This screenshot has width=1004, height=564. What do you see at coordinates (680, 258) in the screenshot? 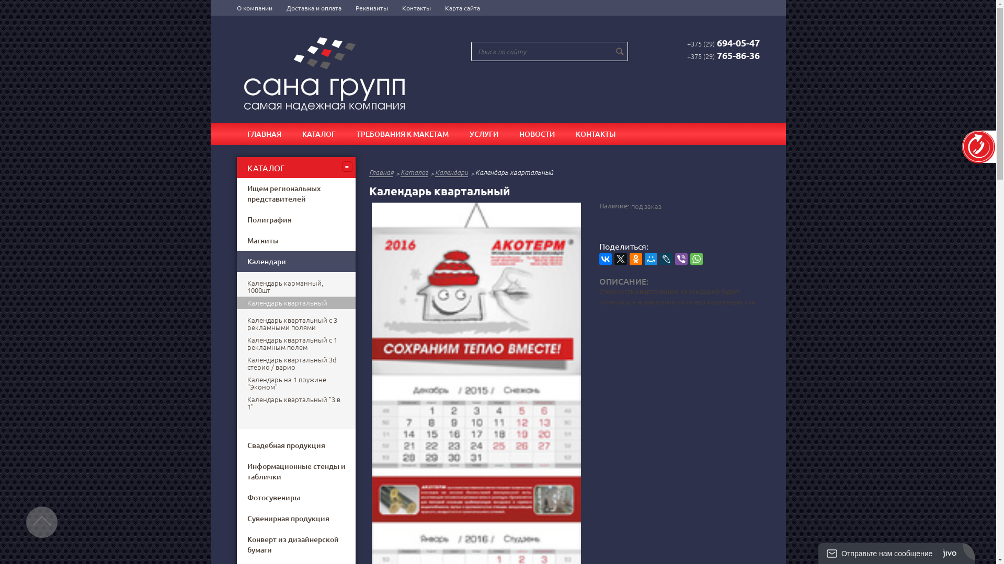
I see `'Viber'` at bounding box center [680, 258].